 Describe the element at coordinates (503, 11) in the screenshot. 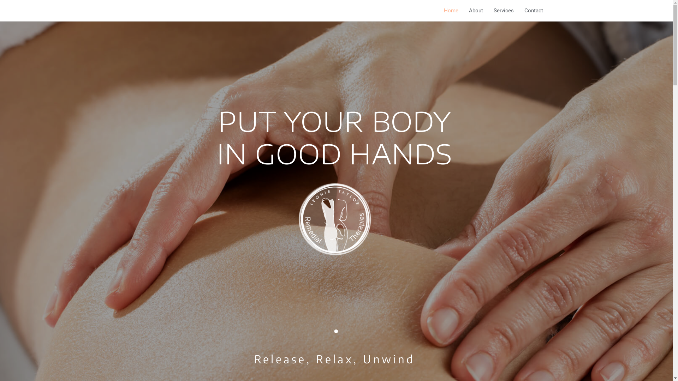

I see `'Services'` at that location.